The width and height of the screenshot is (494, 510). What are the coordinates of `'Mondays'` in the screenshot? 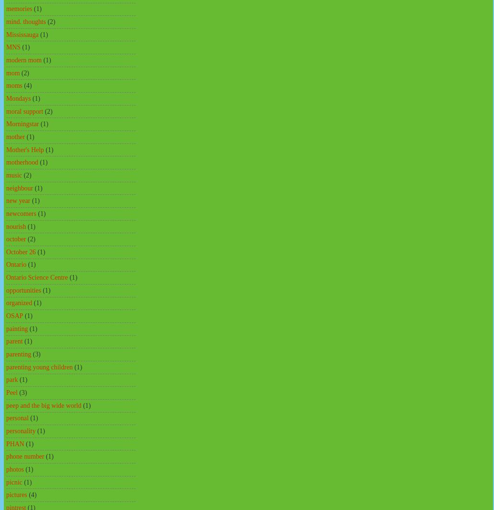 It's located at (18, 98).